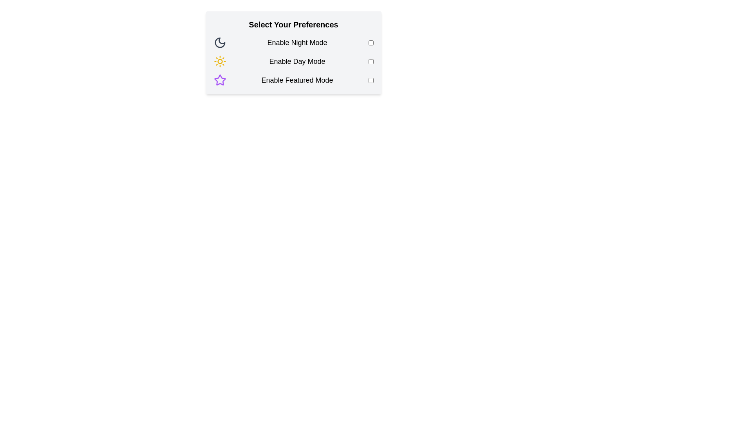  Describe the element at coordinates (219, 80) in the screenshot. I see `the purple-colored star icon located to the immediate left of the 'Enable Featured Mode' text within the 'Select Your Preferences' section` at that location.